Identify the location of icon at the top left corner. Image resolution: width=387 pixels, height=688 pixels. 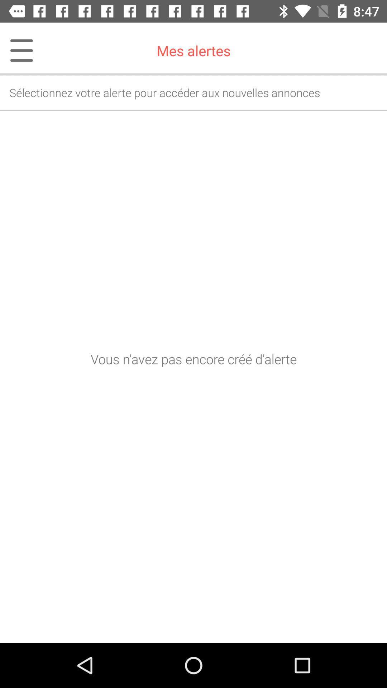
(16, 50).